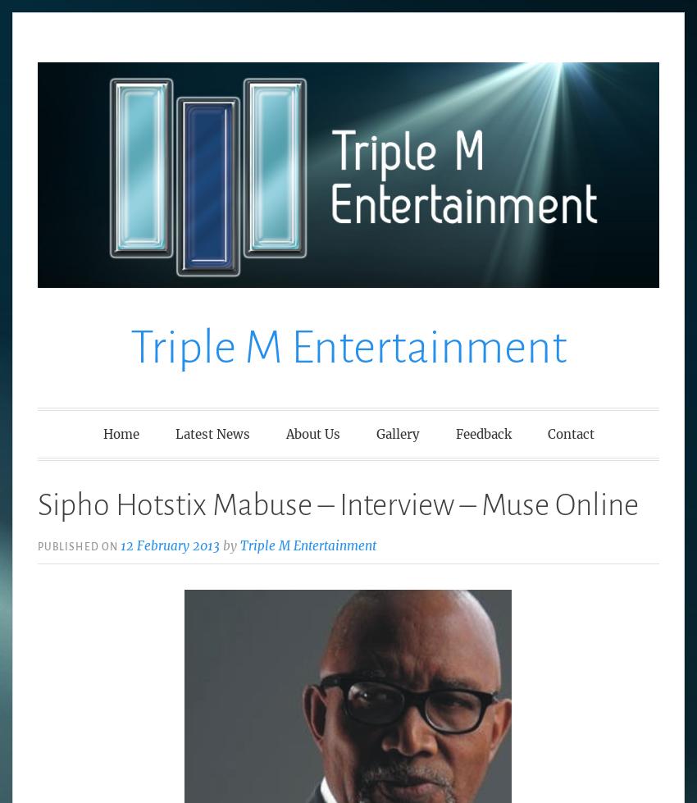 The width and height of the screenshot is (697, 803). Describe the element at coordinates (569, 432) in the screenshot. I see `'Contact'` at that location.